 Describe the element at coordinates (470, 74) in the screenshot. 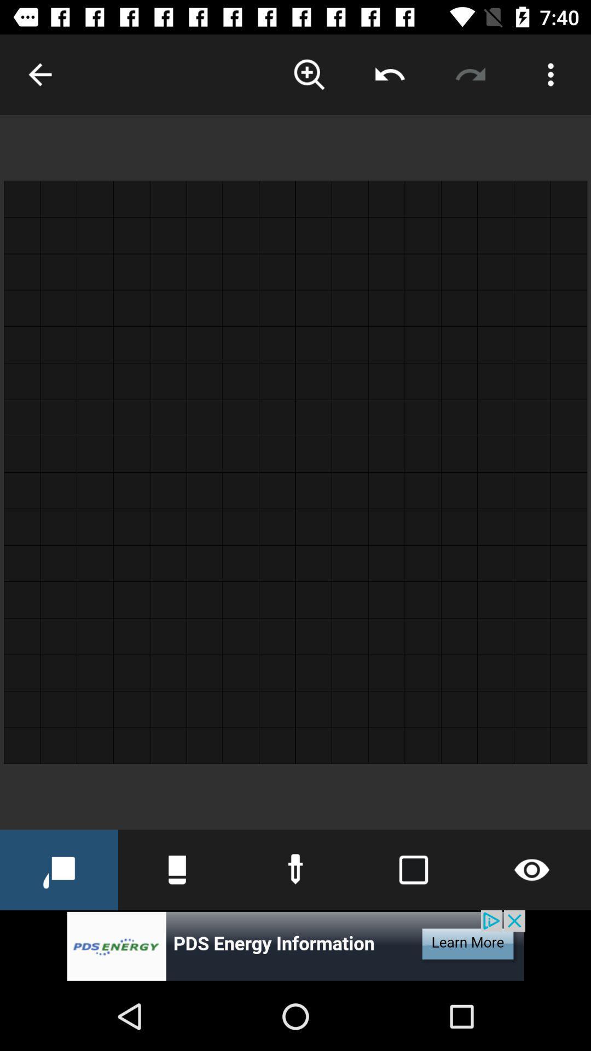

I see `rotate image` at that location.